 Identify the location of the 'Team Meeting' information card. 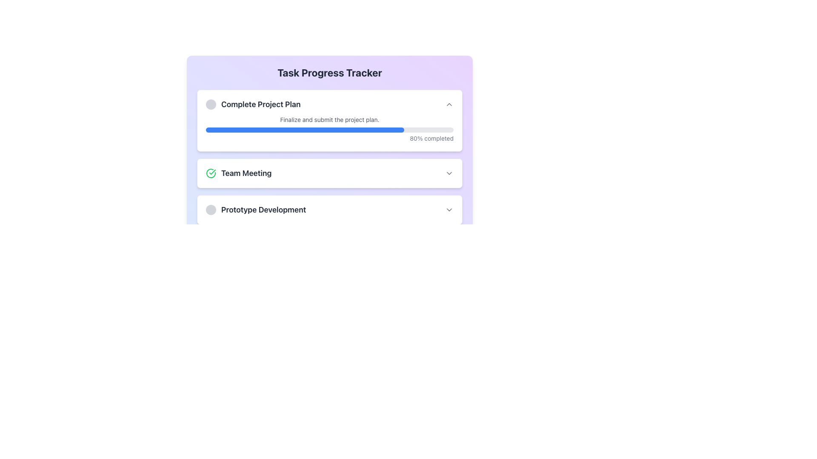
(329, 173).